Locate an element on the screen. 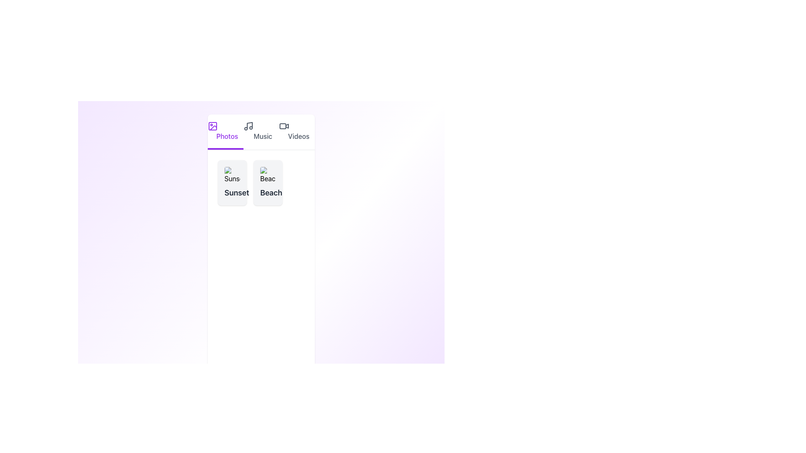 The image size is (806, 453). the text label displaying 'Music' located in the top navigation bar, positioned between the 'Photos' and 'Videos' sections is located at coordinates (262, 135).